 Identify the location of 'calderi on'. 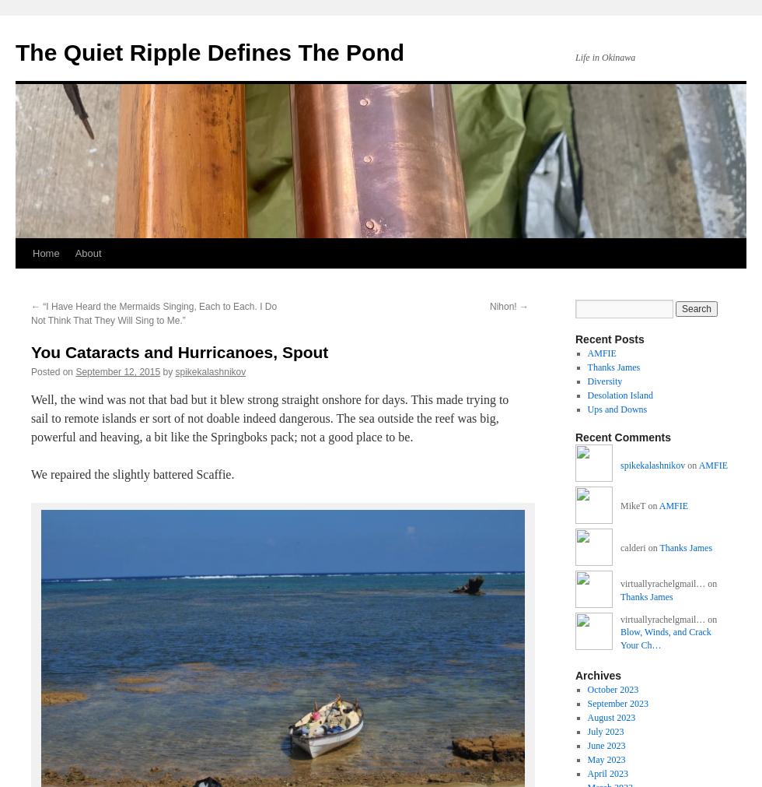
(640, 546).